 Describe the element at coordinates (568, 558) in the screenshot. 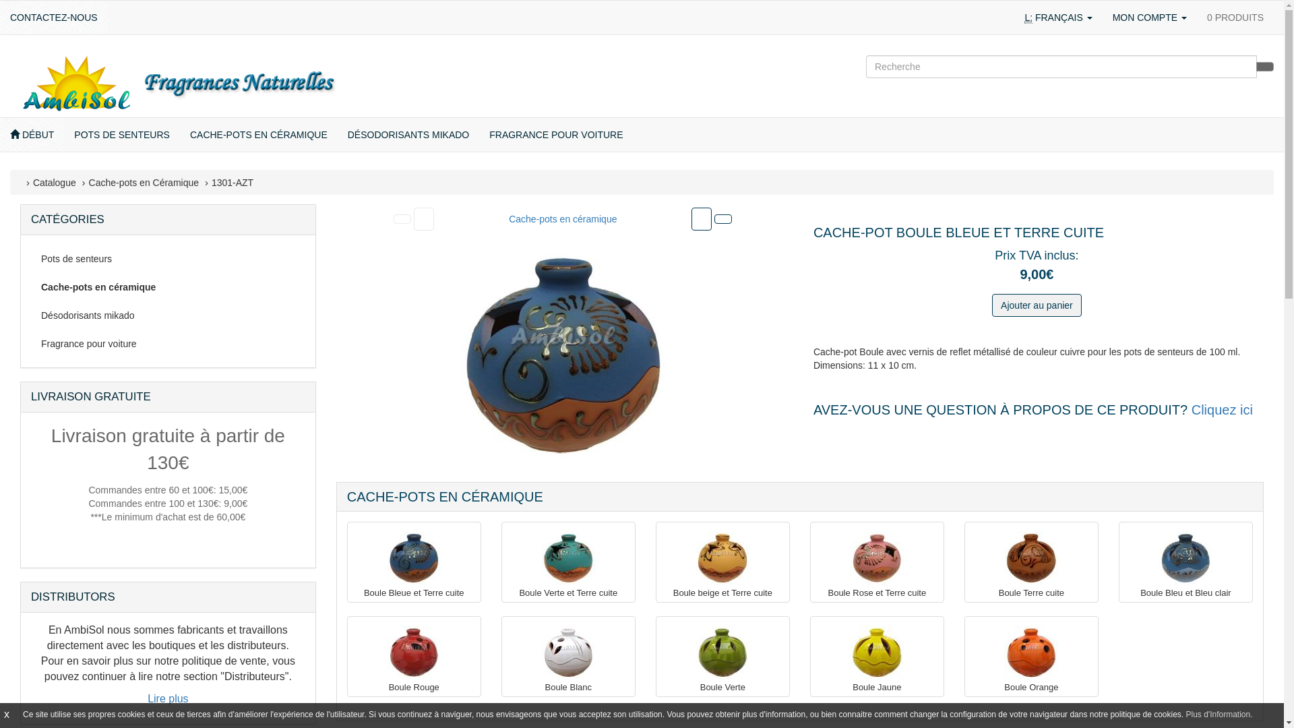

I see `'Boule Verte et Terre cuite'` at that location.